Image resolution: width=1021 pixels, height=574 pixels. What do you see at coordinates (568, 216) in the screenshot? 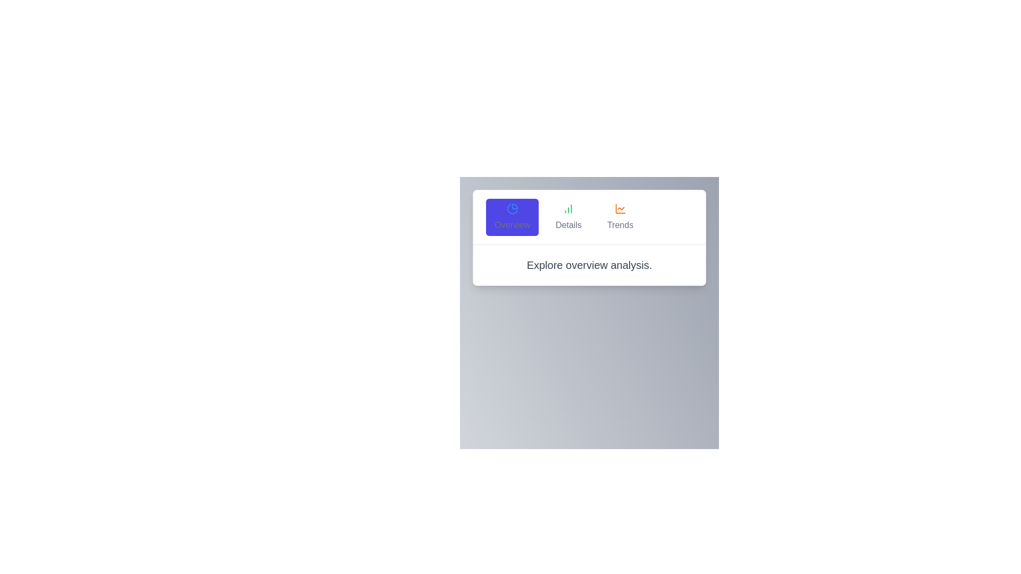
I see `the Details tab to view its content` at bounding box center [568, 216].